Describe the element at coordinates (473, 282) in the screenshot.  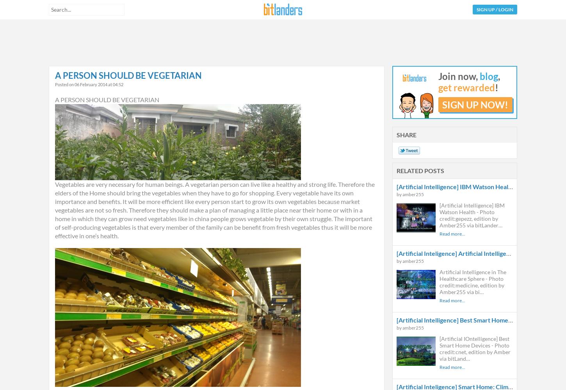
I see `'Artificial Intelligence in The Healthcare Sphere - Photo credit:medicine, edition by Amber255 via bi…'` at that location.